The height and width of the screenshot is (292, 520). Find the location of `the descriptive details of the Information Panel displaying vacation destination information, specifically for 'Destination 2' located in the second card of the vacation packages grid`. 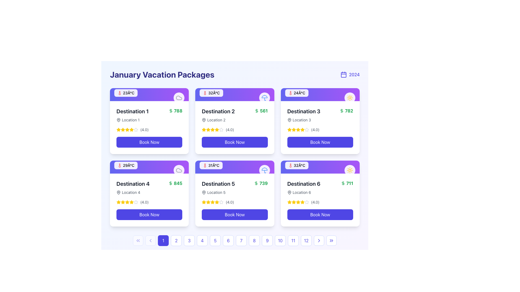

the descriptive details of the Information Panel displaying vacation destination information, specifically for 'Destination 2' located in the second card of the vacation packages grid is located at coordinates (235, 127).